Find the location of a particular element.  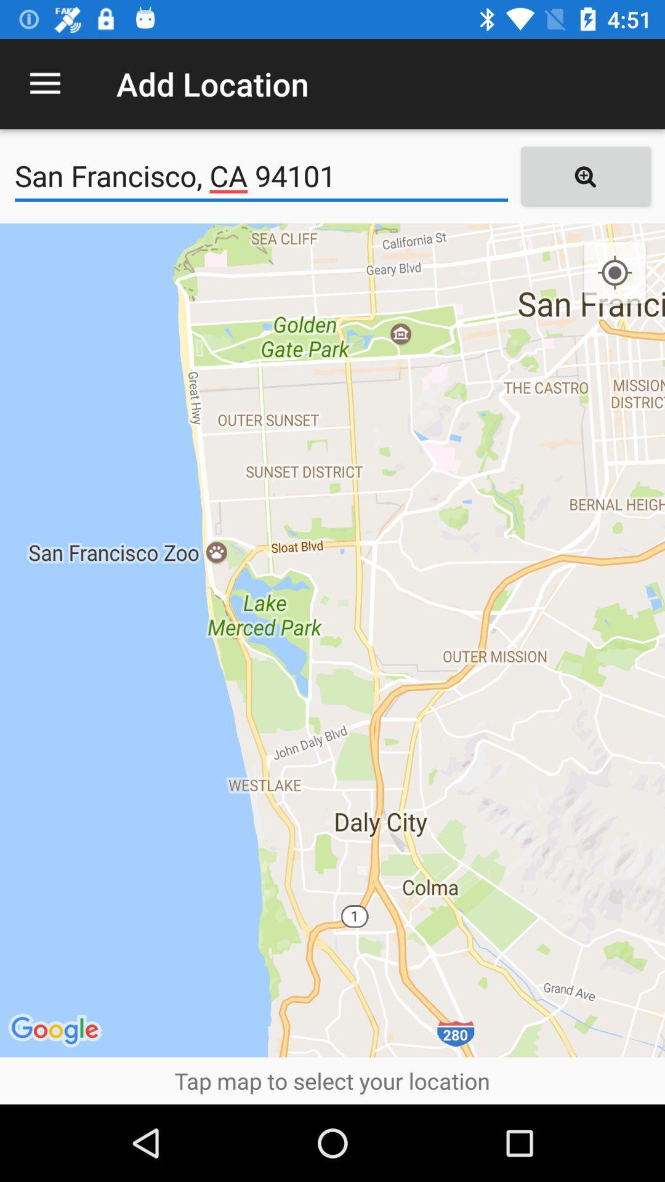

icon next to add location item is located at coordinates (44, 83).